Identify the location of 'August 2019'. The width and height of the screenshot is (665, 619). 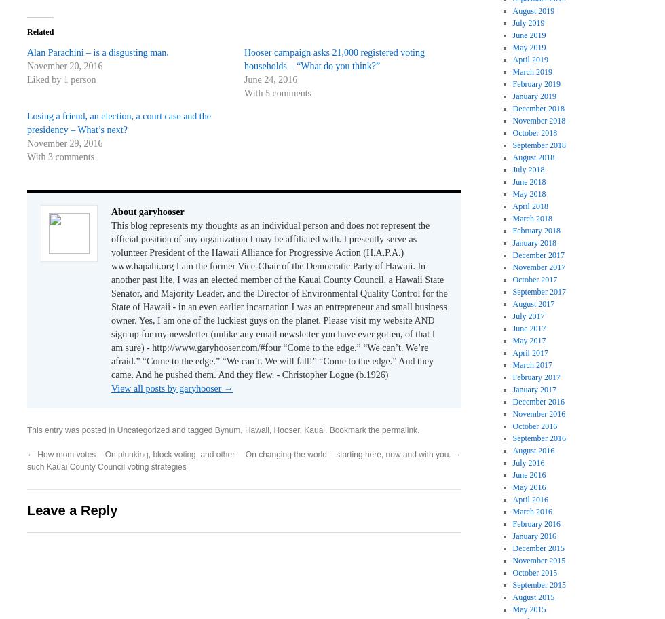
(512, 10).